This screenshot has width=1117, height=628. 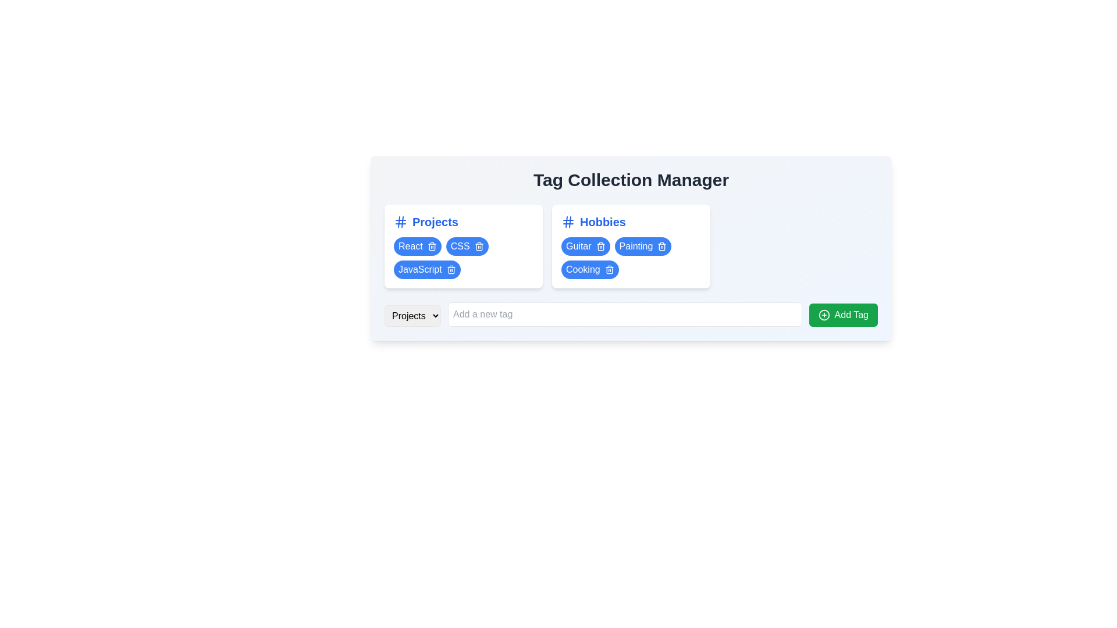 I want to click on the blue rounded square button with a white trash can symbol, so click(x=609, y=269).